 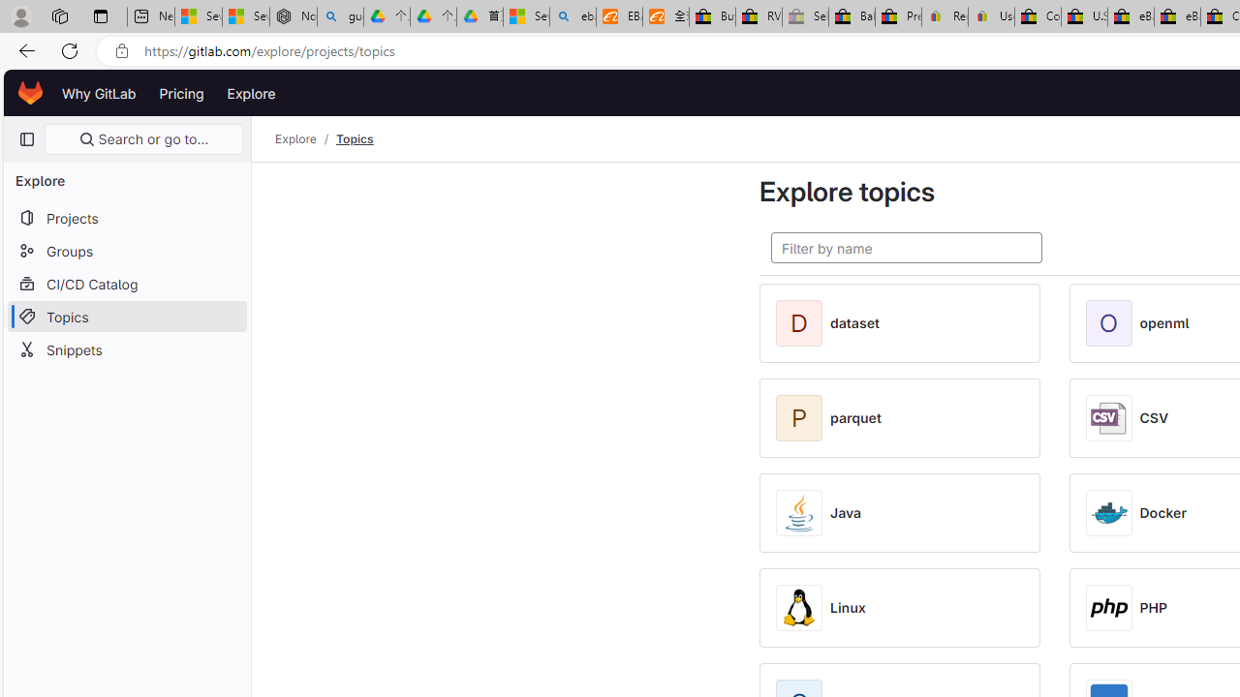 I want to click on 'openml', so click(x=1162, y=322).